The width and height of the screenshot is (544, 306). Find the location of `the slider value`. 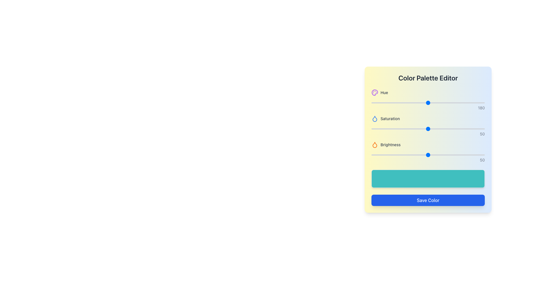

the slider value is located at coordinates (436, 129).